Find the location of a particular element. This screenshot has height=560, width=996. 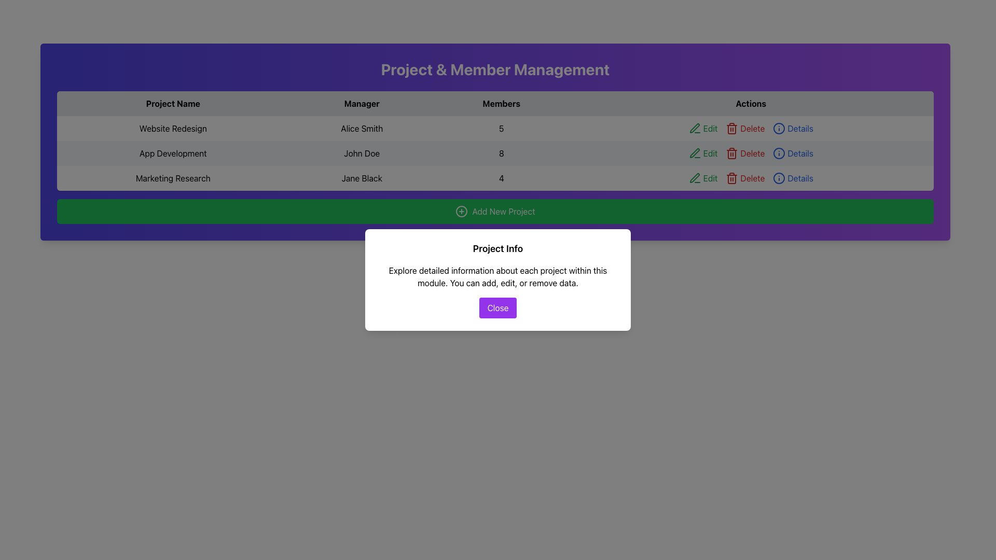

the text element displaying the number '5' in the 'Members' column for the row labeled 'Alice Smith' in the table is located at coordinates (501, 128).